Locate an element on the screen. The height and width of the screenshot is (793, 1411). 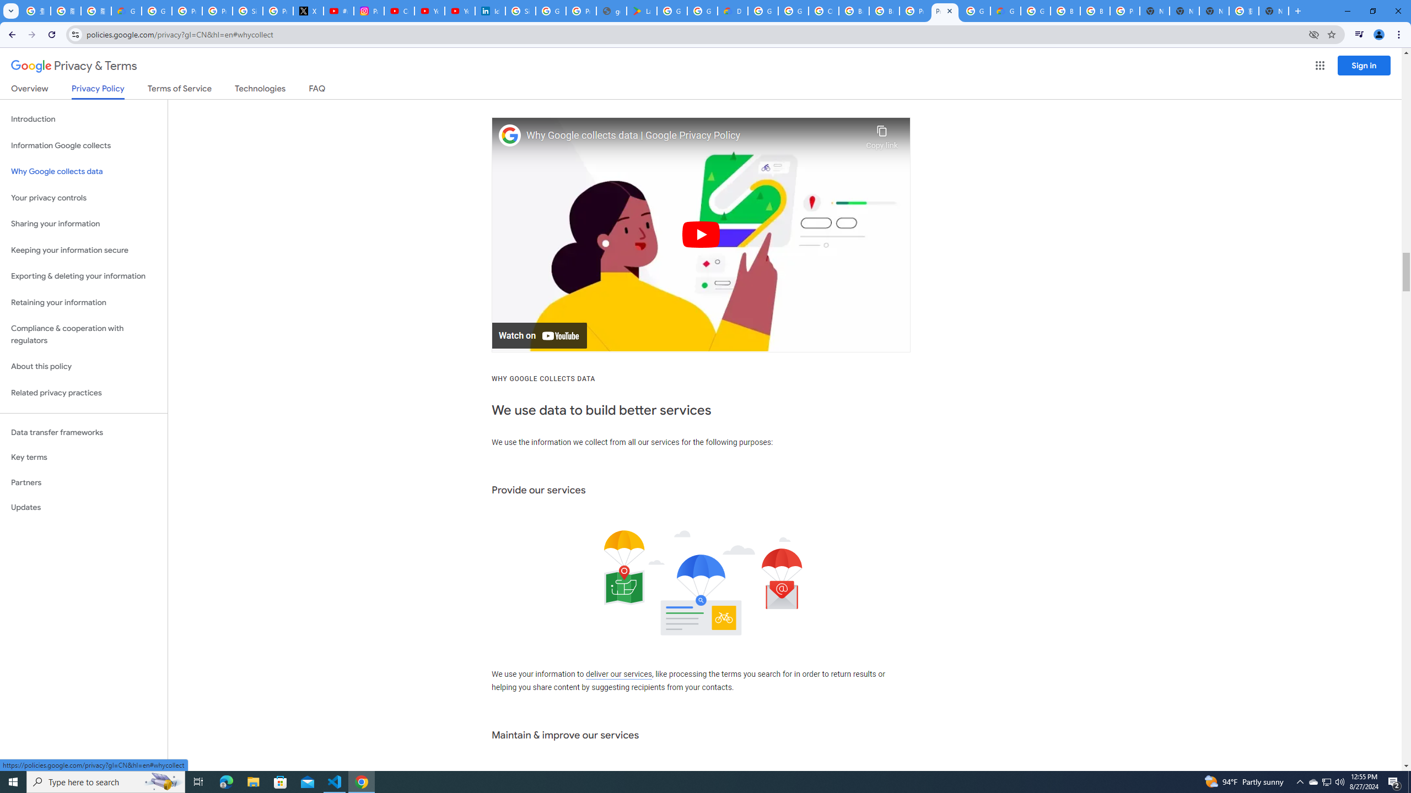
'Information Google collects' is located at coordinates (83, 145).